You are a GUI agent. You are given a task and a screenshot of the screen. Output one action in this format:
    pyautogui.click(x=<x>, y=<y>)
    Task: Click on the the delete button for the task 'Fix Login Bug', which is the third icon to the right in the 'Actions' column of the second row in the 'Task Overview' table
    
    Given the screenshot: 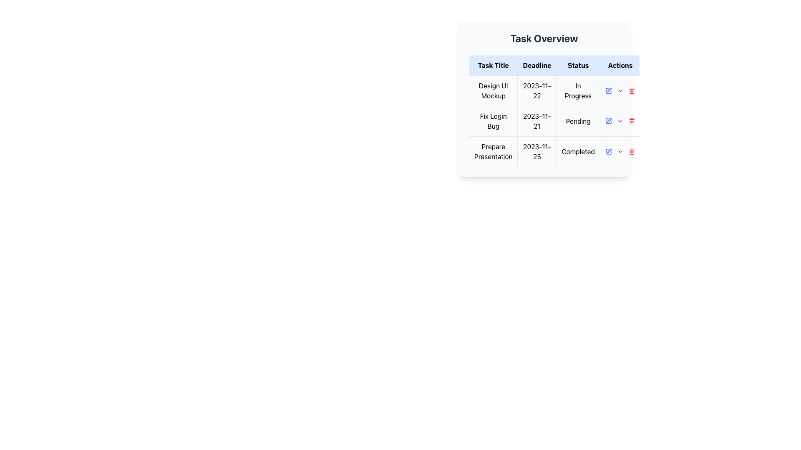 What is the action you would take?
    pyautogui.click(x=632, y=121)
    